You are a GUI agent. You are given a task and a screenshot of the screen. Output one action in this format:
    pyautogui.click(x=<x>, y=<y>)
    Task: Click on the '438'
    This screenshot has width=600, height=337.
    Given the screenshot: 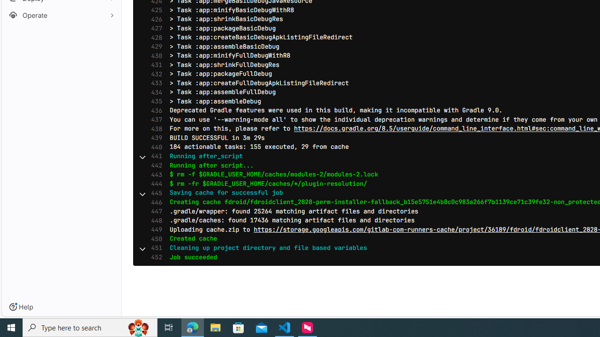 What is the action you would take?
    pyautogui.click(x=154, y=129)
    